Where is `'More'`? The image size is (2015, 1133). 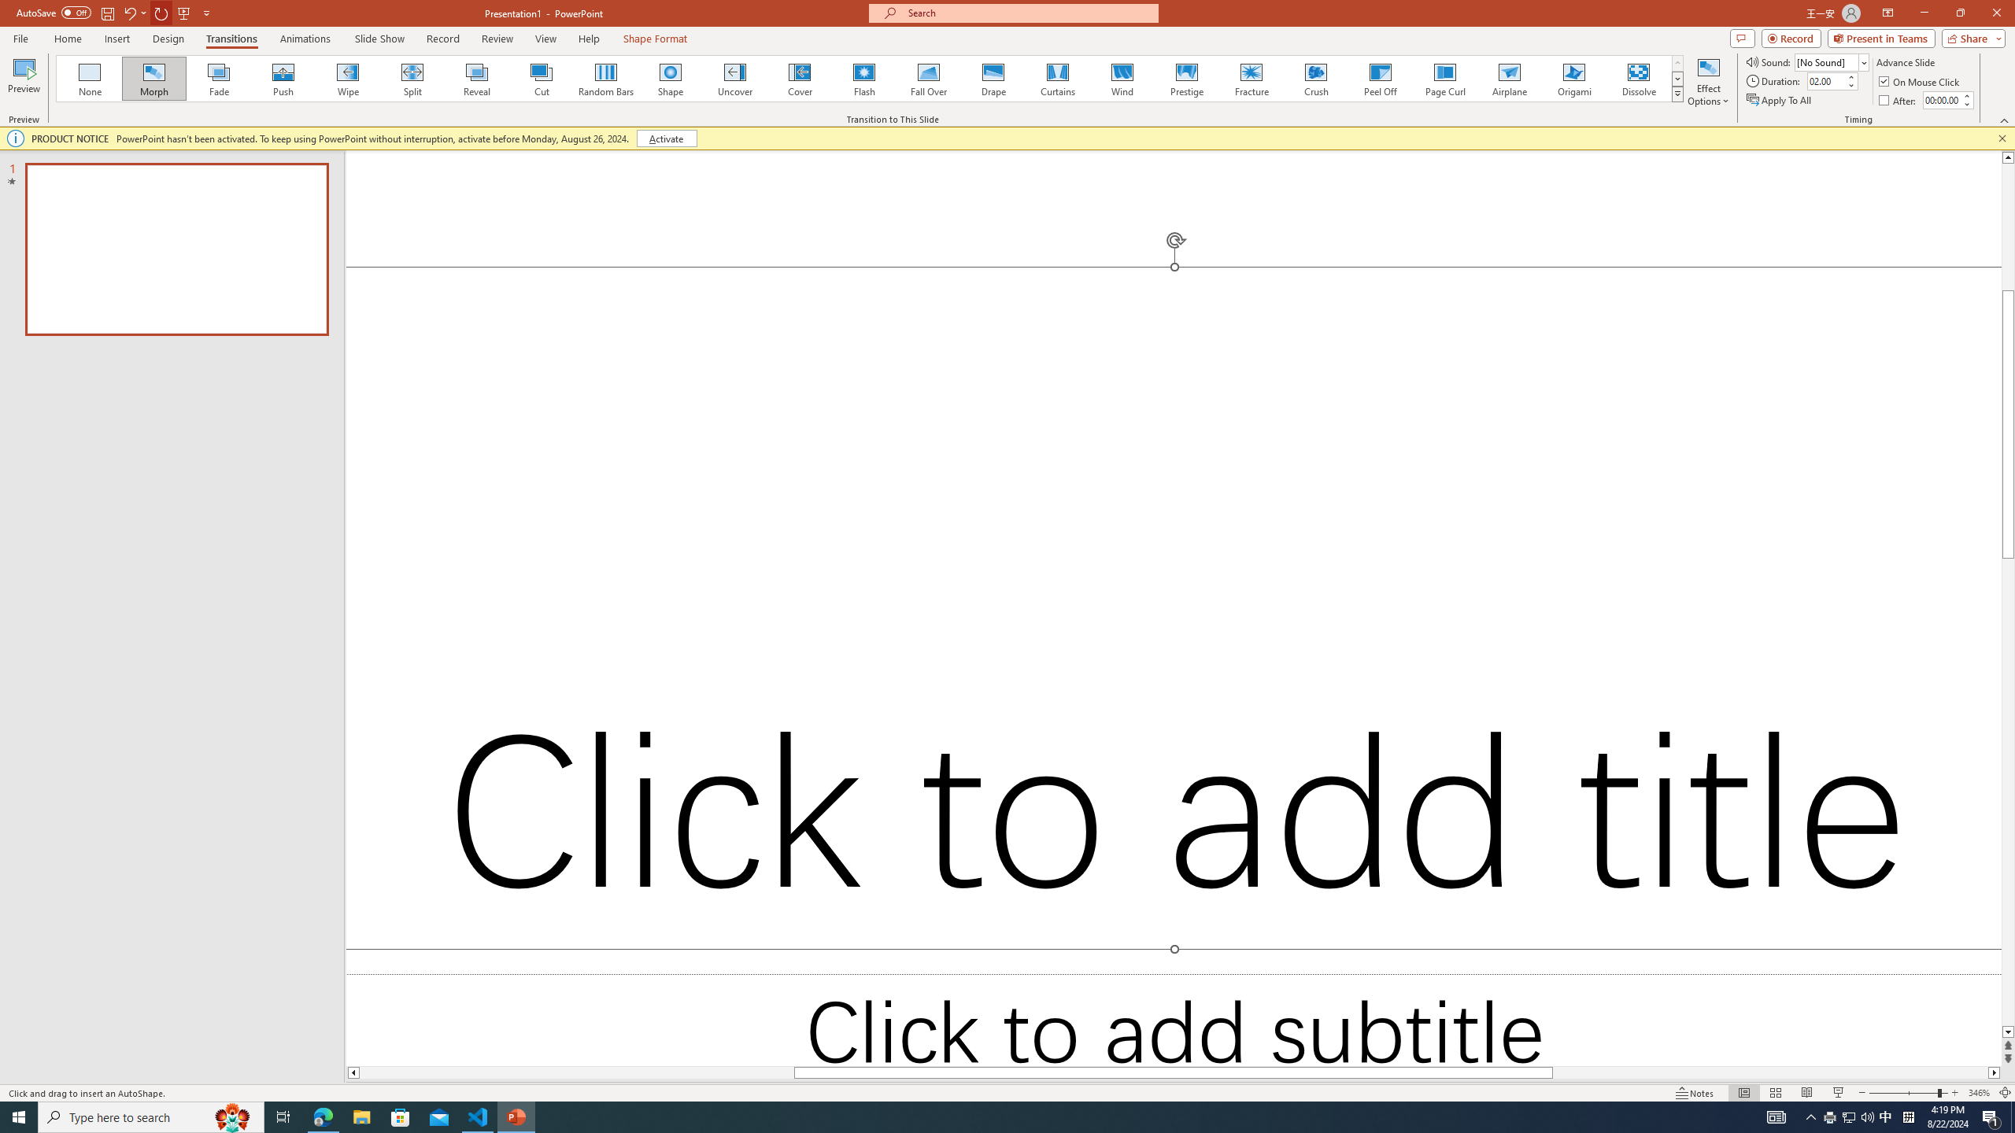 'More' is located at coordinates (1966, 94).